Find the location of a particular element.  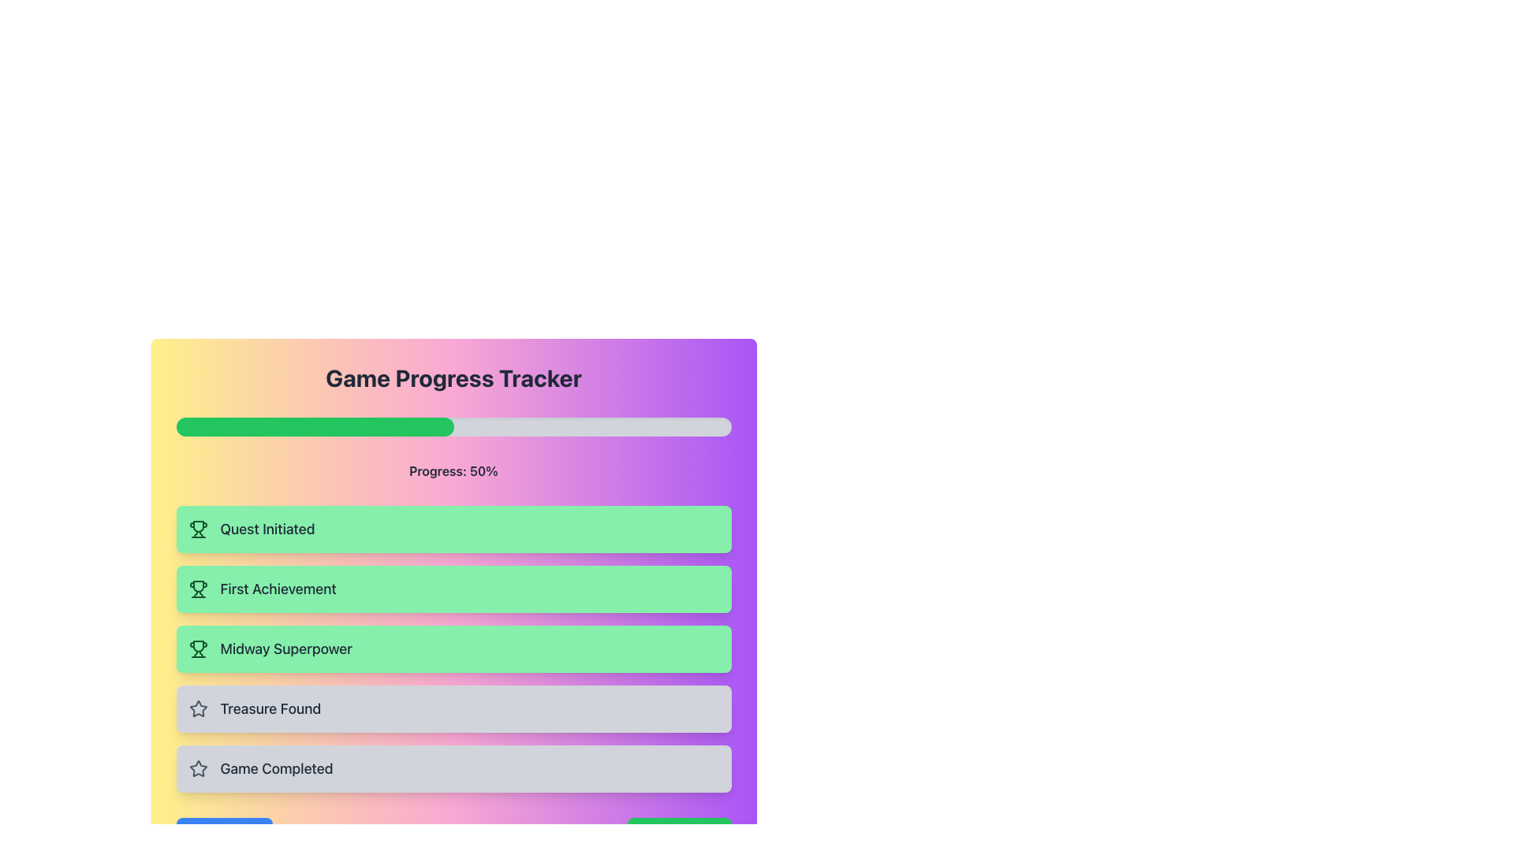

the text content within the green card that indicates a specific achievement or milestone, located to the right of the trophy icon is located at coordinates (286, 649).